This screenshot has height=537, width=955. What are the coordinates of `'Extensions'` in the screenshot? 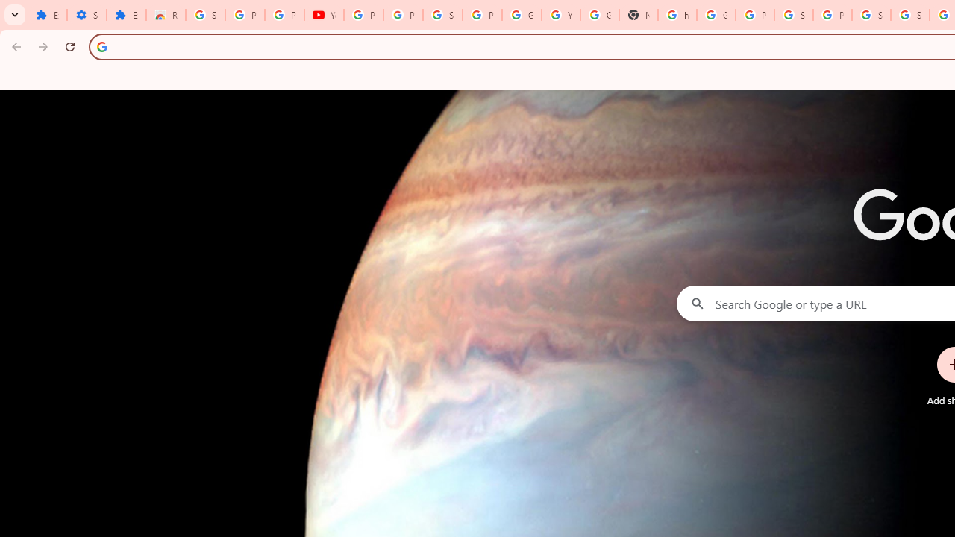 It's located at (47, 15).